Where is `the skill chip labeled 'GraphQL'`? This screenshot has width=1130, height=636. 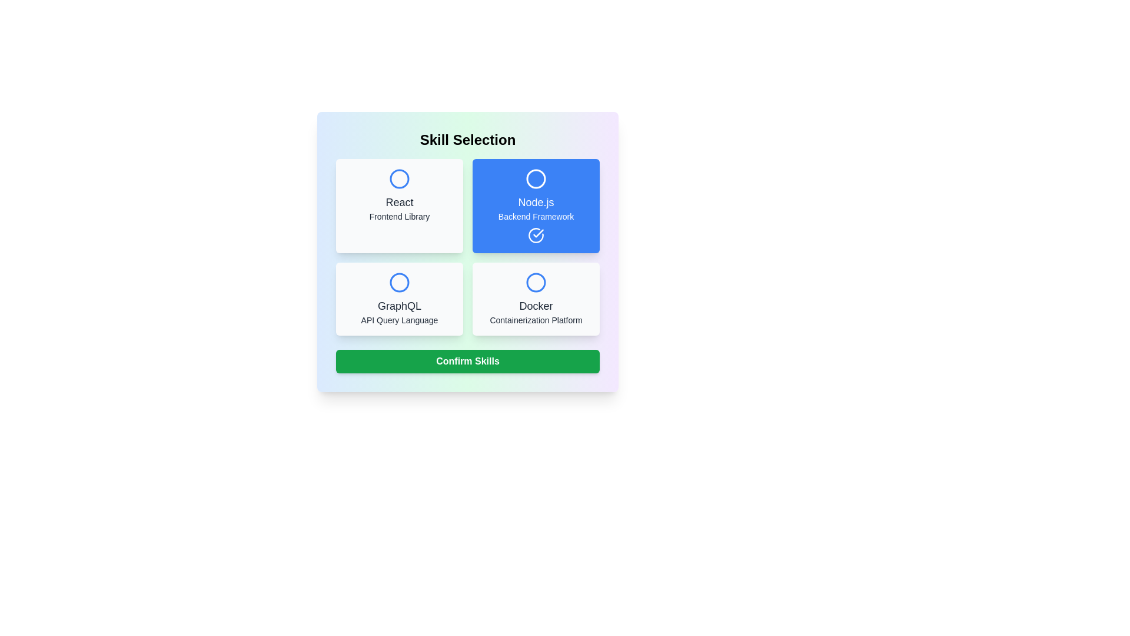 the skill chip labeled 'GraphQL' is located at coordinates (399, 299).